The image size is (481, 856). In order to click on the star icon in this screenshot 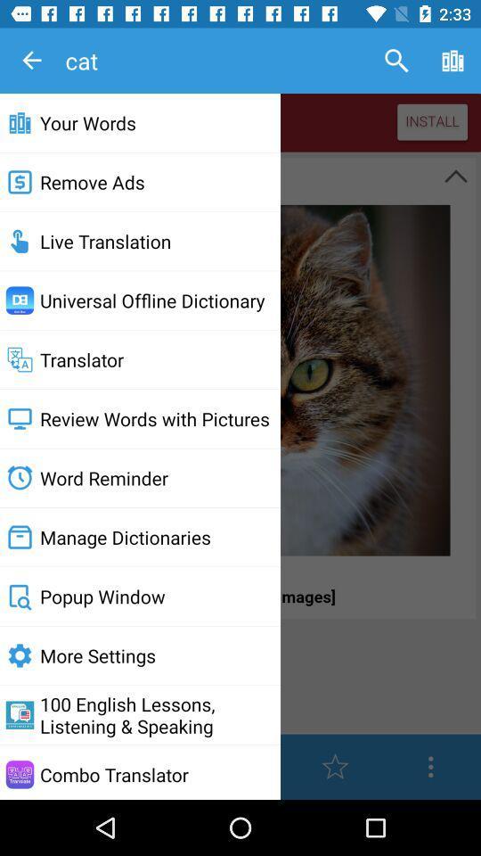, I will do `click(335, 766)`.